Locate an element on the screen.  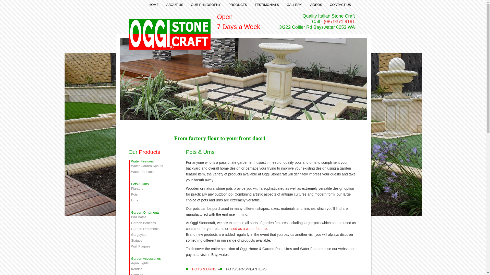
'POTS & URNS' is located at coordinates (204, 269).